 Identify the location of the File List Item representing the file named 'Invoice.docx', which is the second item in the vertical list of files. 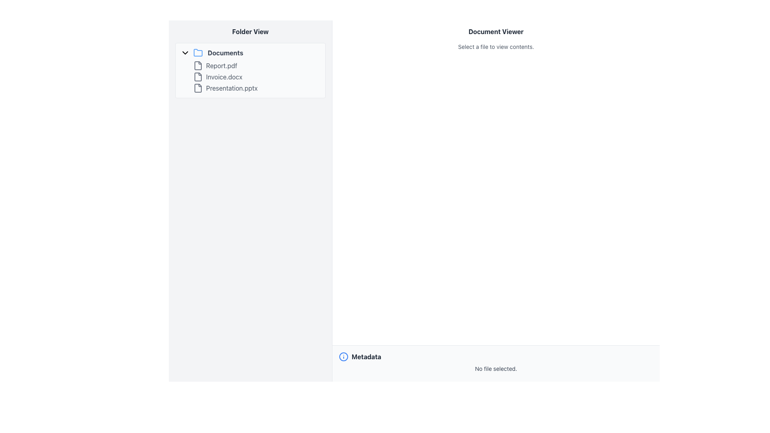
(257, 77).